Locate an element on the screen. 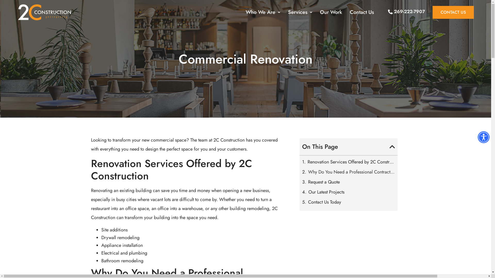 This screenshot has height=278, width=495. 'Our Work' is located at coordinates (331, 12).